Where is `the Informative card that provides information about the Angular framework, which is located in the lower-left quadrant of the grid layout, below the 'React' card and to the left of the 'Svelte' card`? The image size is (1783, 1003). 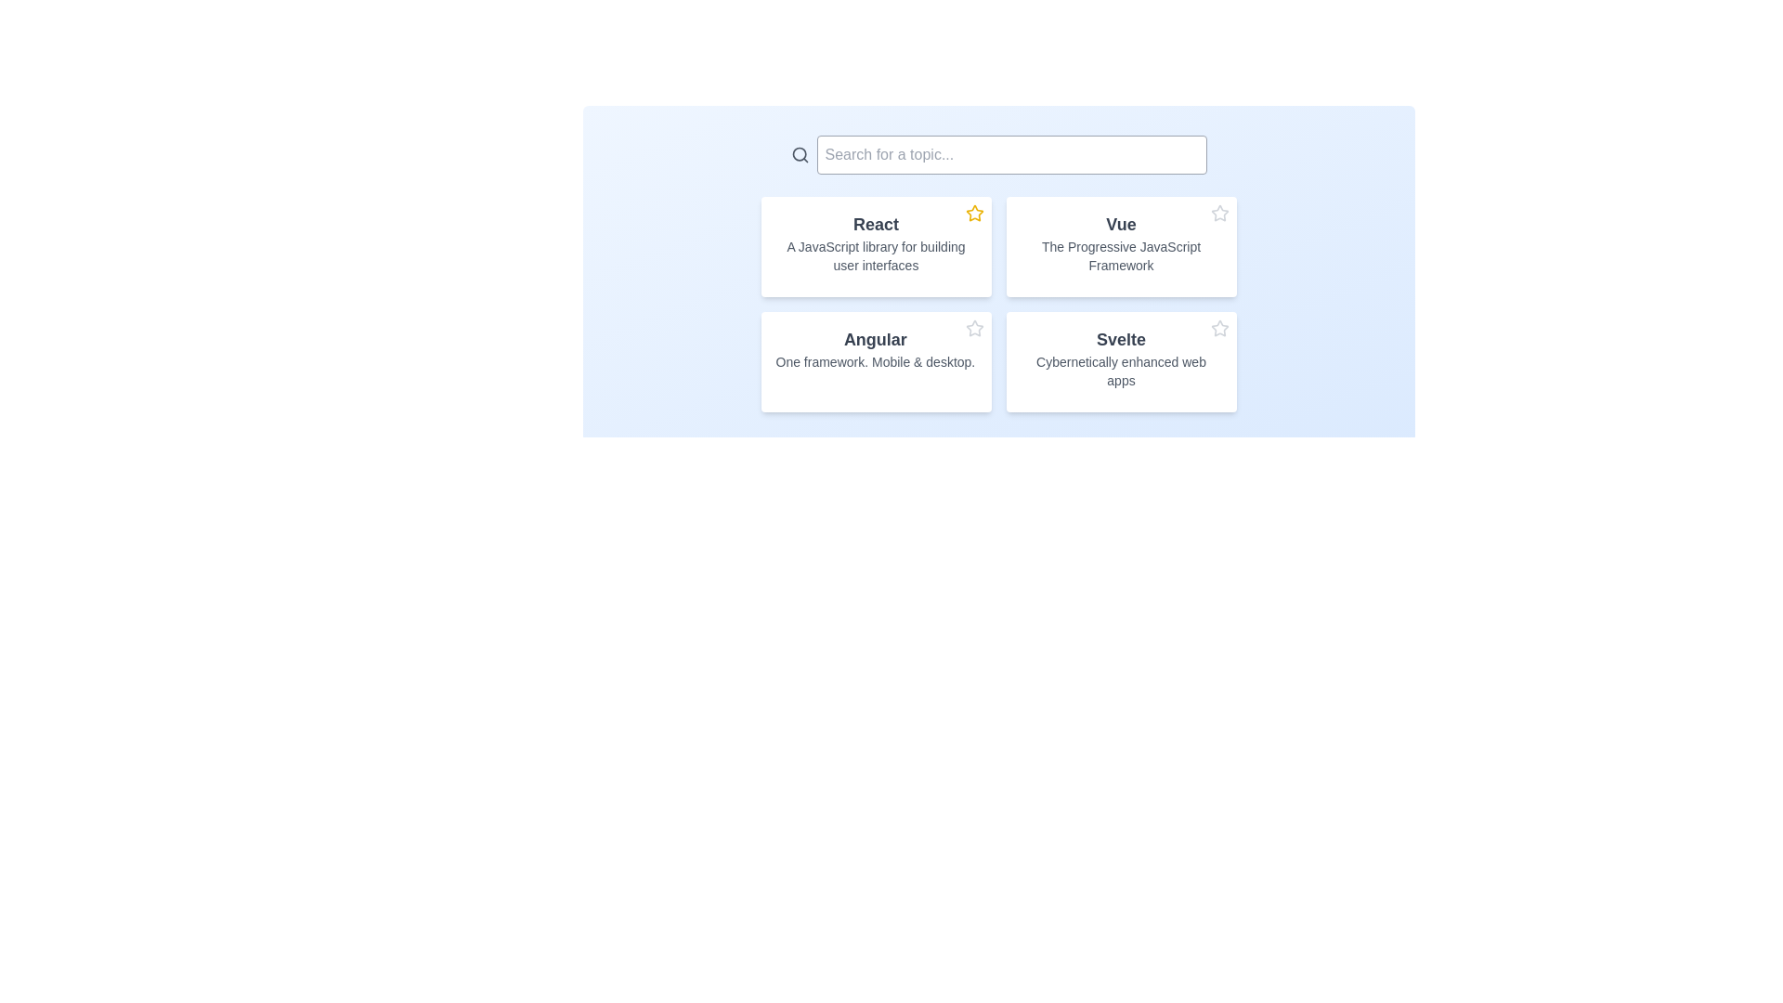 the Informative card that provides information about the Angular framework, which is located in the lower-left quadrant of the grid layout, below the 'React' card and to the left of the 'Svelte' card is located at coordinates (875, 361).